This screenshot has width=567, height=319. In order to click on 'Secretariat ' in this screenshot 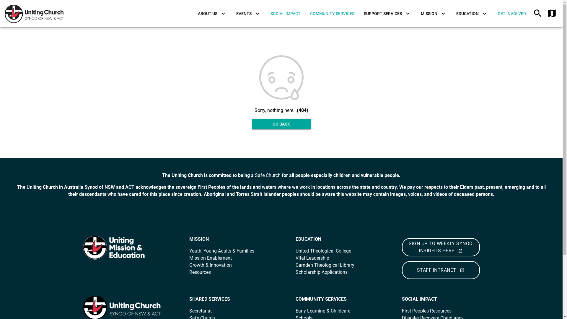, I will do `click(201, 310)`.